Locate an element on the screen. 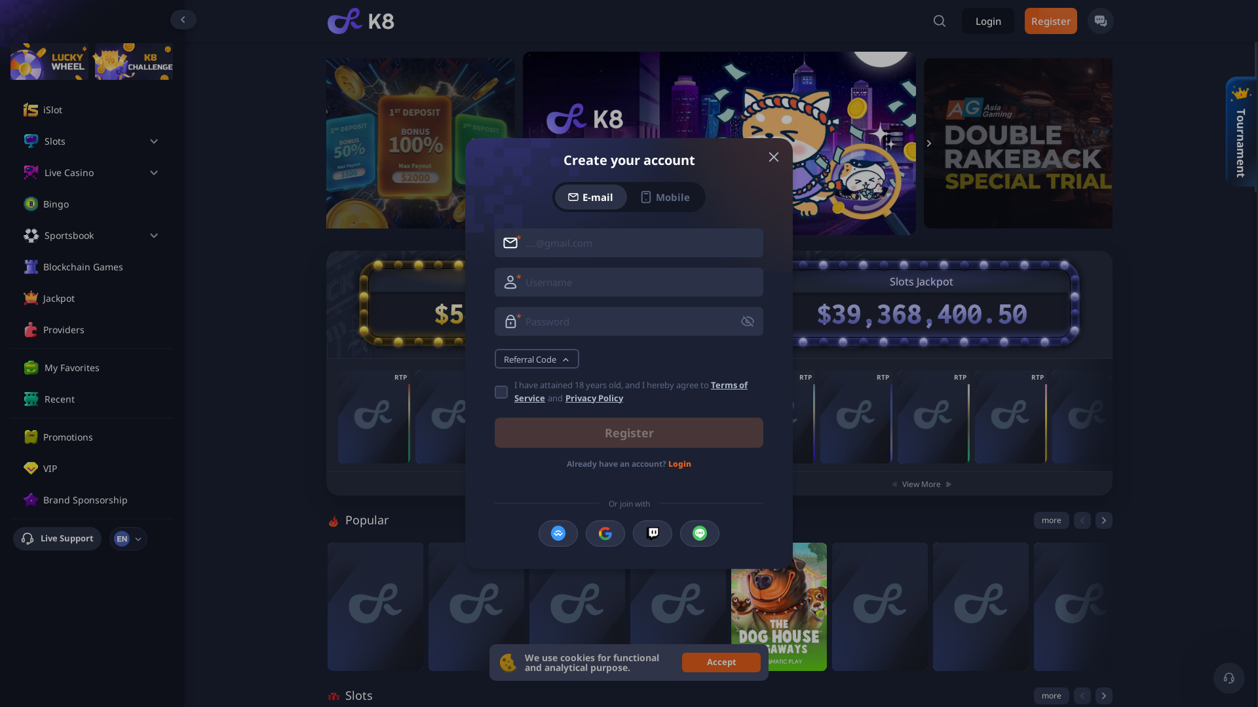  'previous' is located at coordinates (1082, 519).